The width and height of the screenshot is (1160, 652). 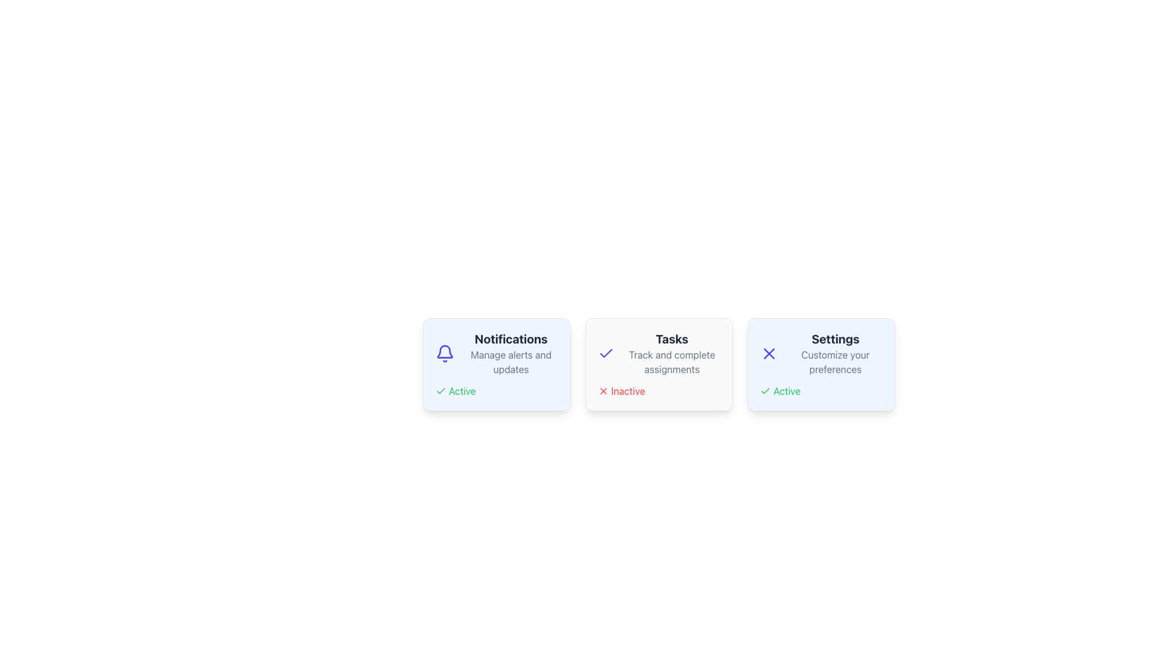 What do you see at coordinates (444, 353) in the screenshot?
I see `the notifications icon located in the top-left section of the notifications card, which signifies alerts or updates` at bounding box center [444, 353].